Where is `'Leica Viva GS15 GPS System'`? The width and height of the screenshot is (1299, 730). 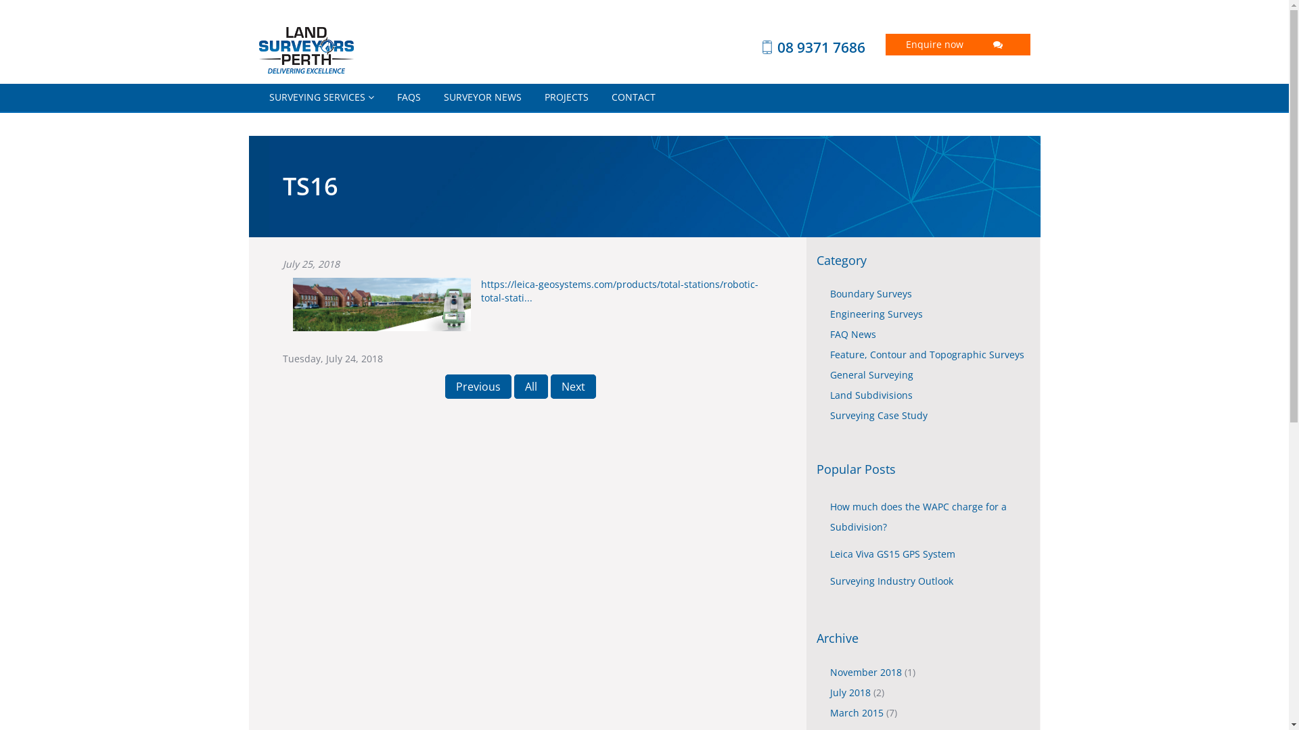 'Leica Viva GS15 GPS System' is located at coordinates (892, 554).